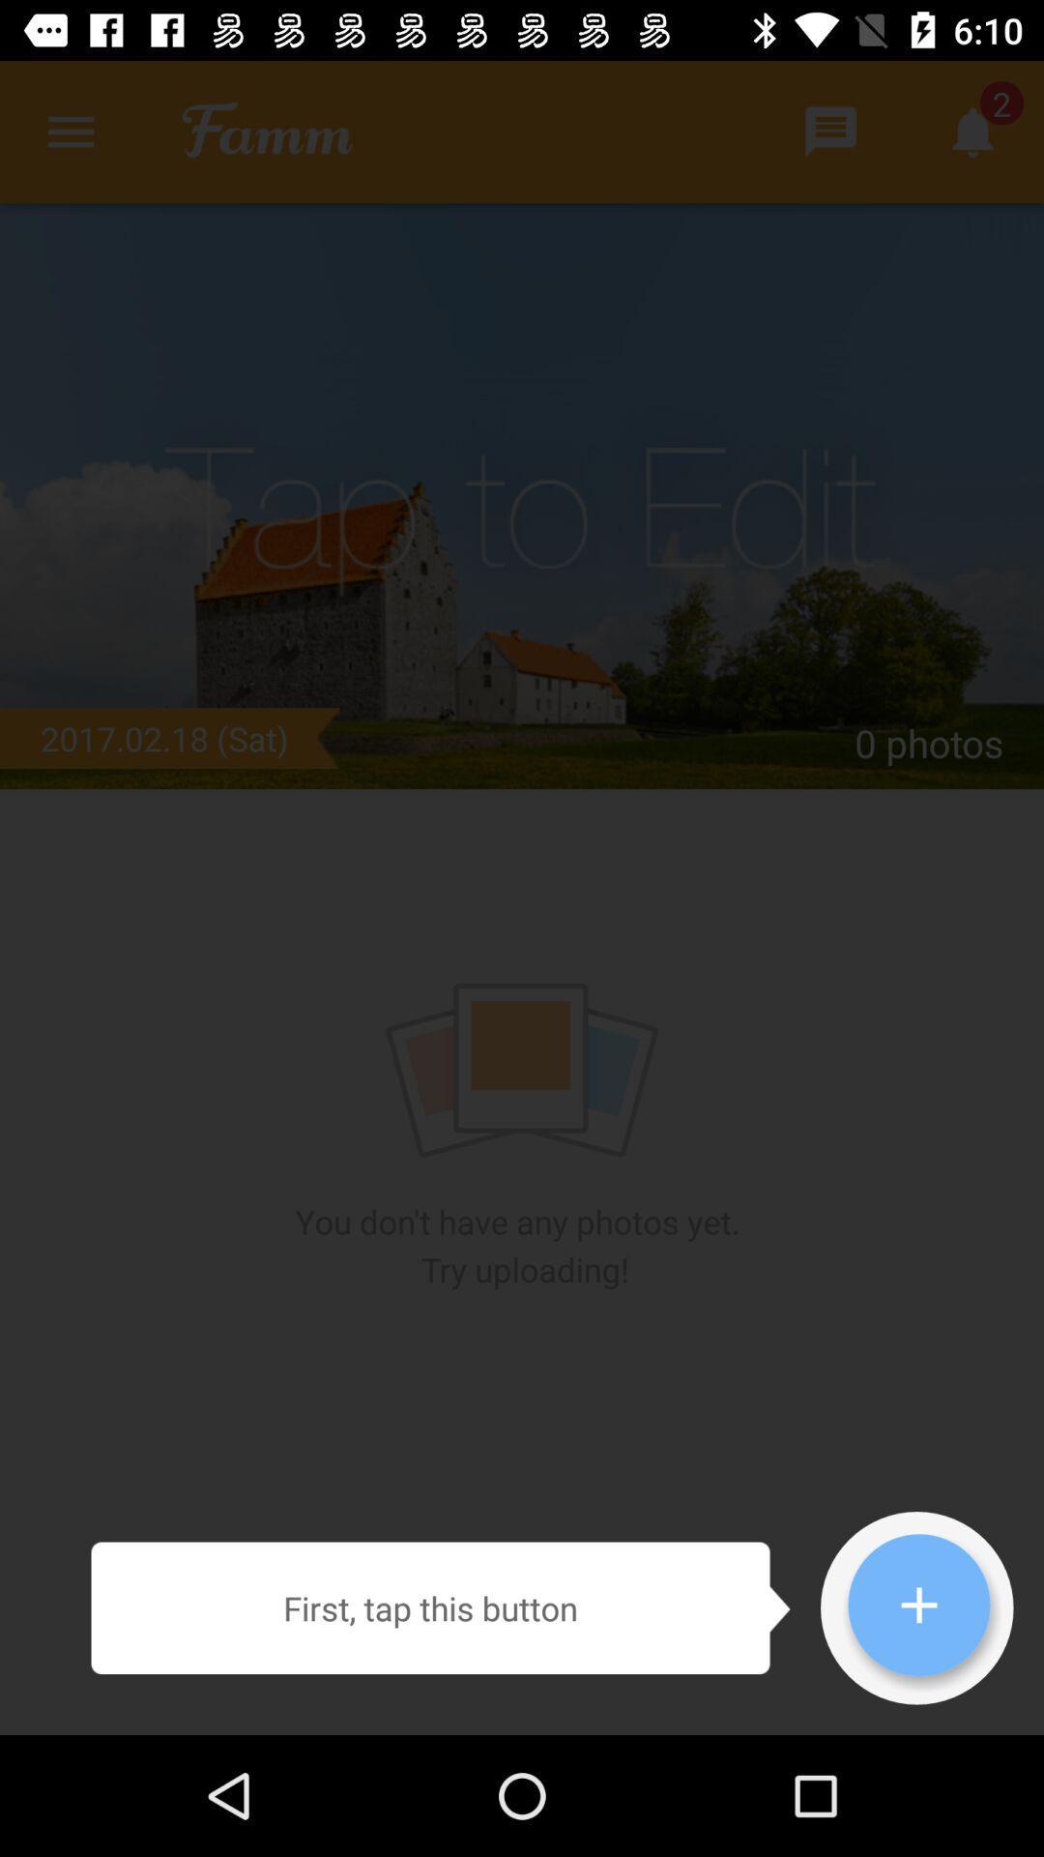 The image size is (1044, 1857). Describe the element at coordinates (918, 1605) in the screenshot. I see `the add icon` at that location.